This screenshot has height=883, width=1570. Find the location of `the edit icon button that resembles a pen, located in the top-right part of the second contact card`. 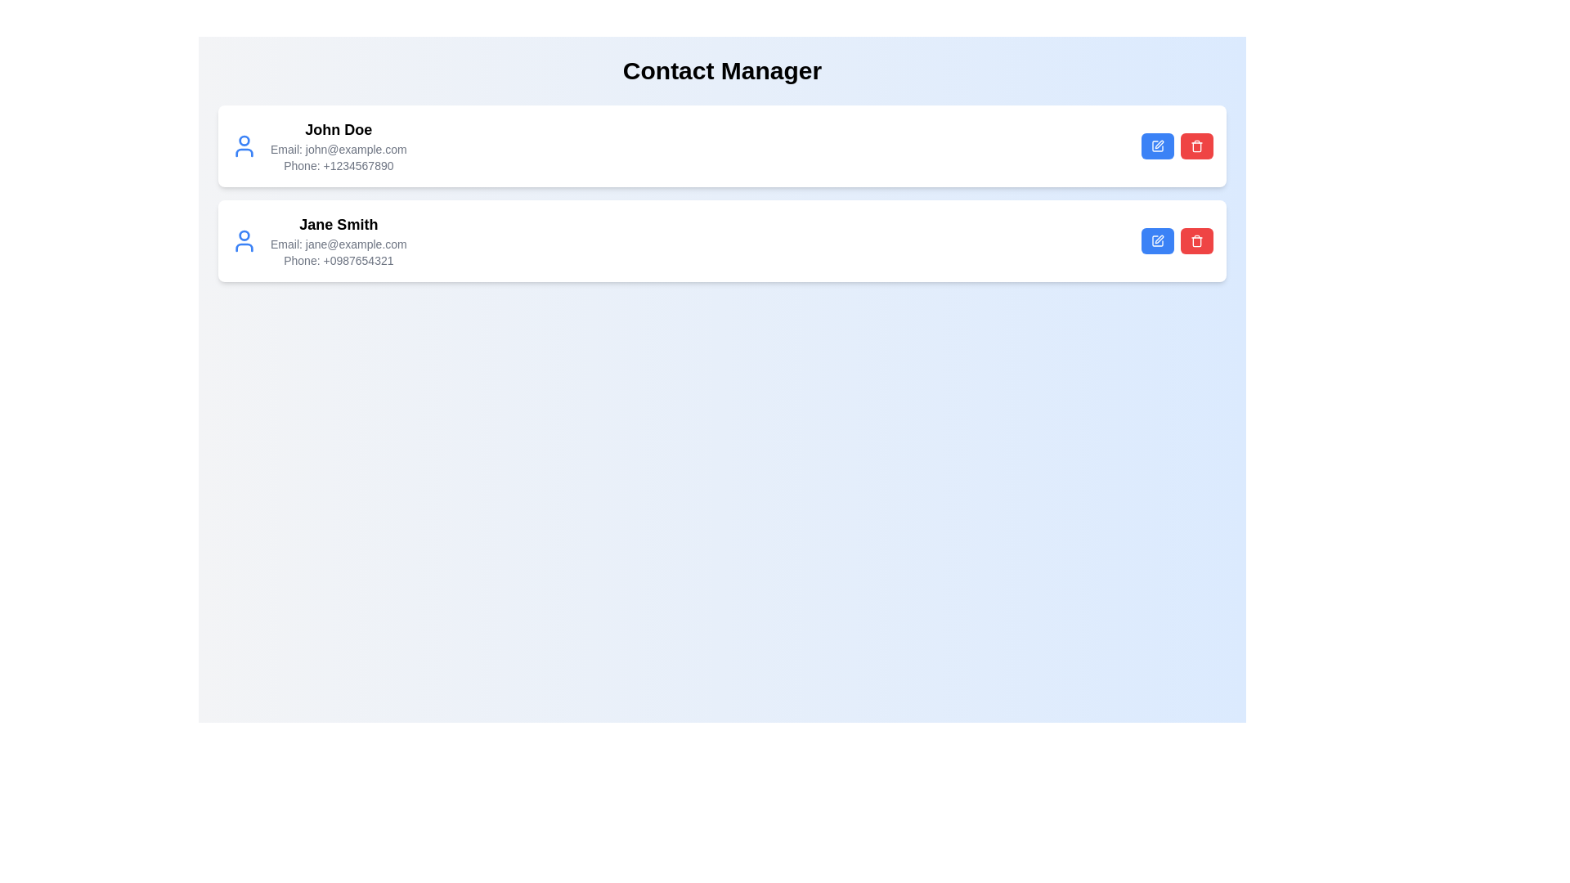

the edit icon button that resembles a pen, located in the top-right part of the second contact card is located at coordinates (1157, 240).